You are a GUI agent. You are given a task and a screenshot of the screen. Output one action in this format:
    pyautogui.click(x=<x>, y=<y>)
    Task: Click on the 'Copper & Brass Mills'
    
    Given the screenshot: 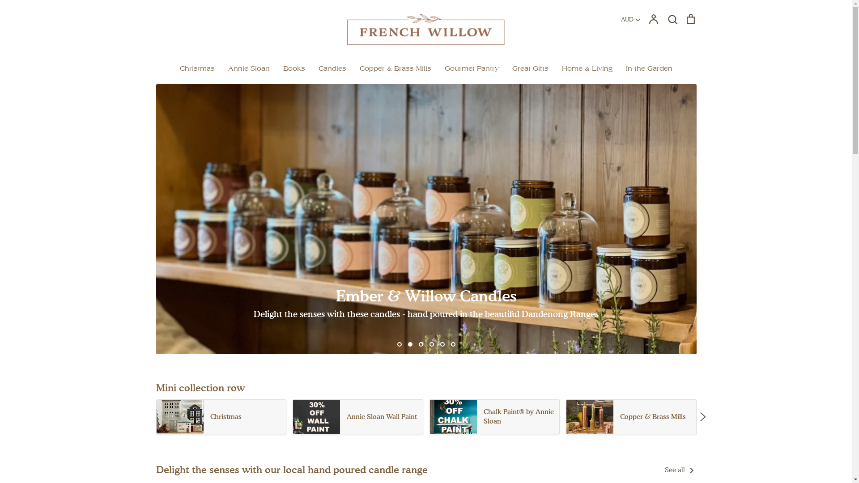 What is the action you would take?
    pyautogui.click(x=631, y=417)
    